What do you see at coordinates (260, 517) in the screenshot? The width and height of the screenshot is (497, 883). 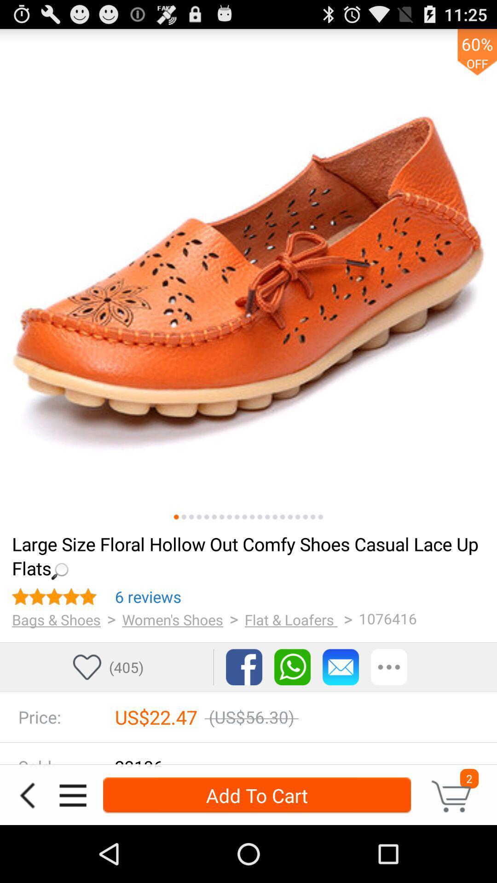 I see `comfort for use on the title only` at bounding box center [260, 517].